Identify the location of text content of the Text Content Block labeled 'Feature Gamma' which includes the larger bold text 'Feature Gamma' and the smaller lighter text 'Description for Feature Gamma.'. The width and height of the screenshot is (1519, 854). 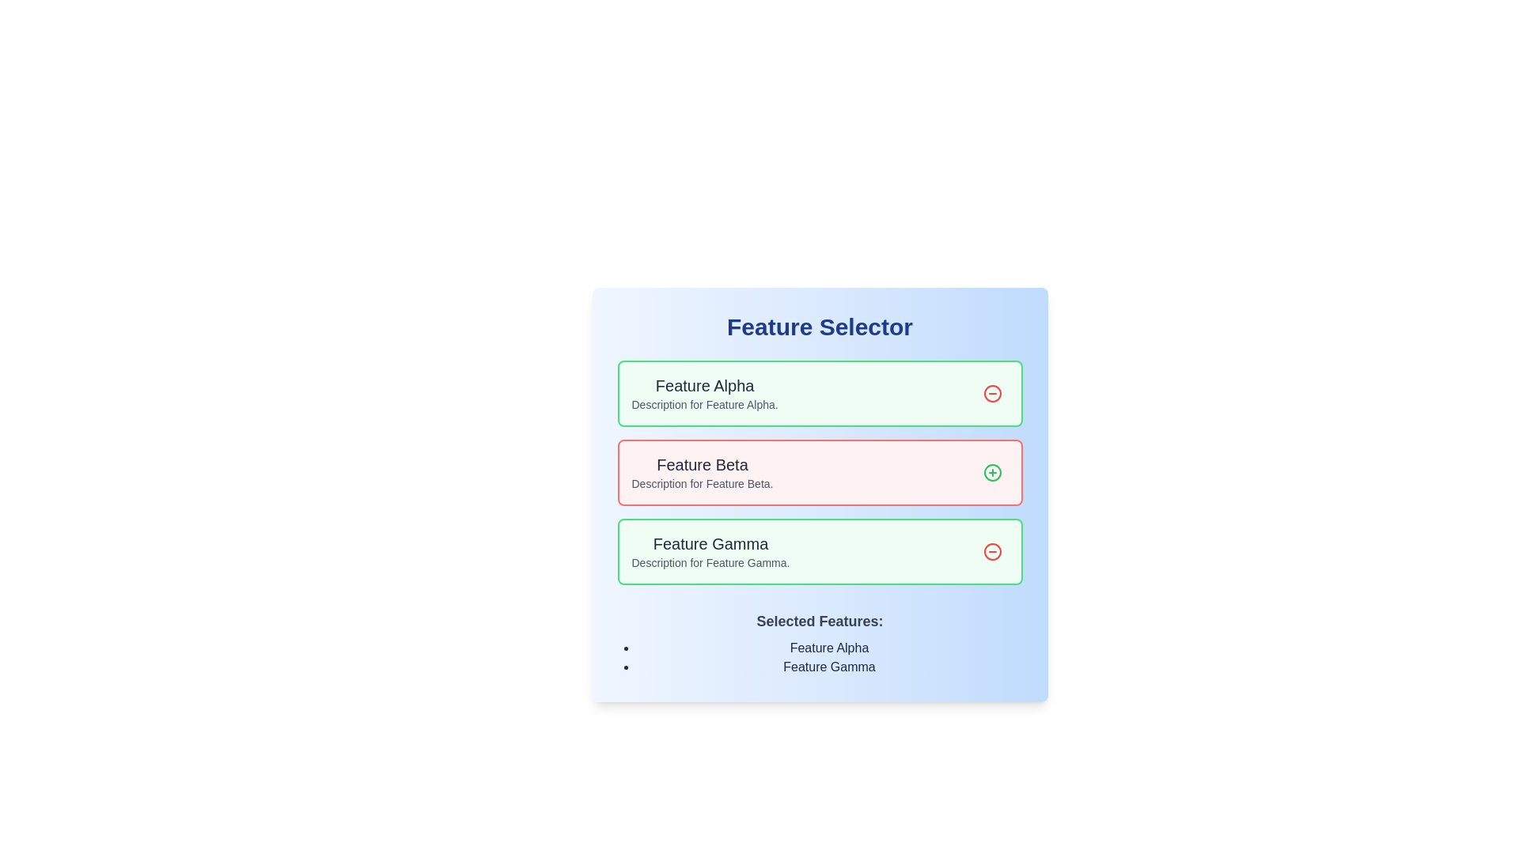
(710, 551).